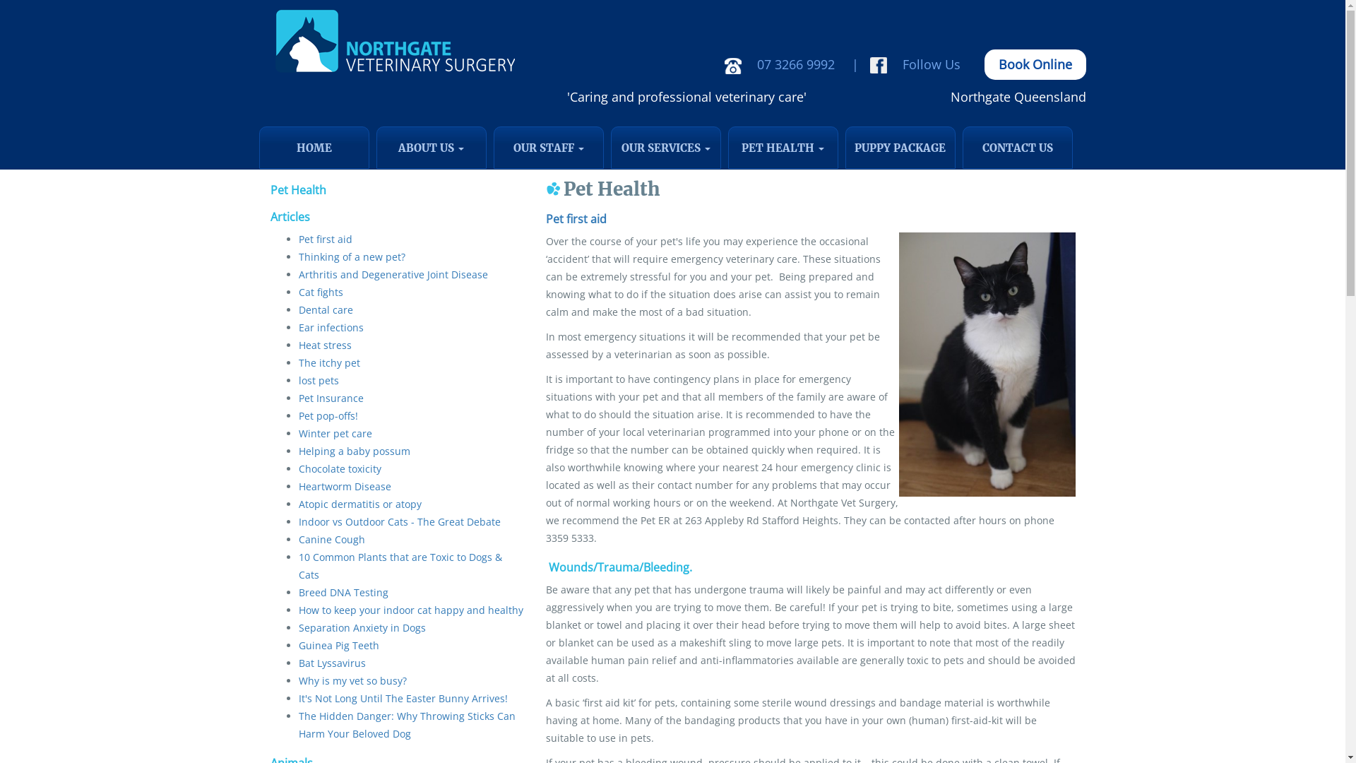  I want to click on 'Pet pop-offs!', so click(327, 415).